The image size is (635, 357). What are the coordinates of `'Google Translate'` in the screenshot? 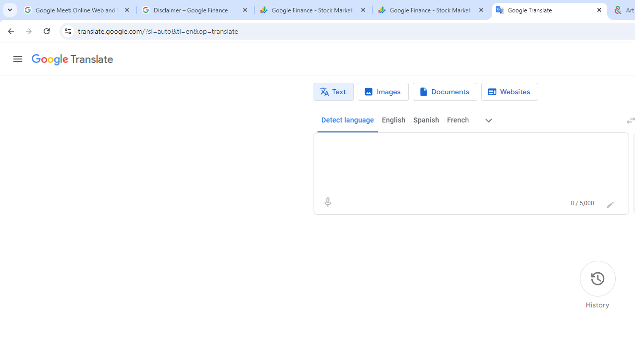 It's located at (71, 59).